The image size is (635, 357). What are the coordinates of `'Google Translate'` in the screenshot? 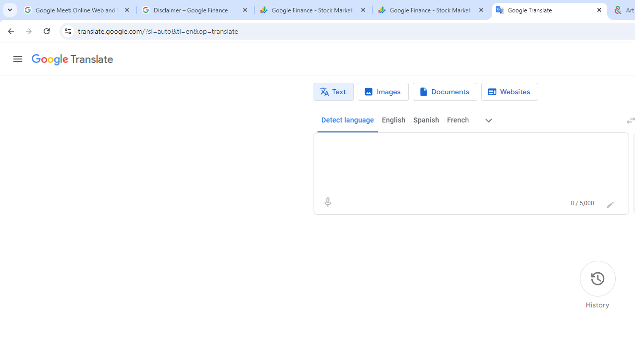 It's located at (71, 59).